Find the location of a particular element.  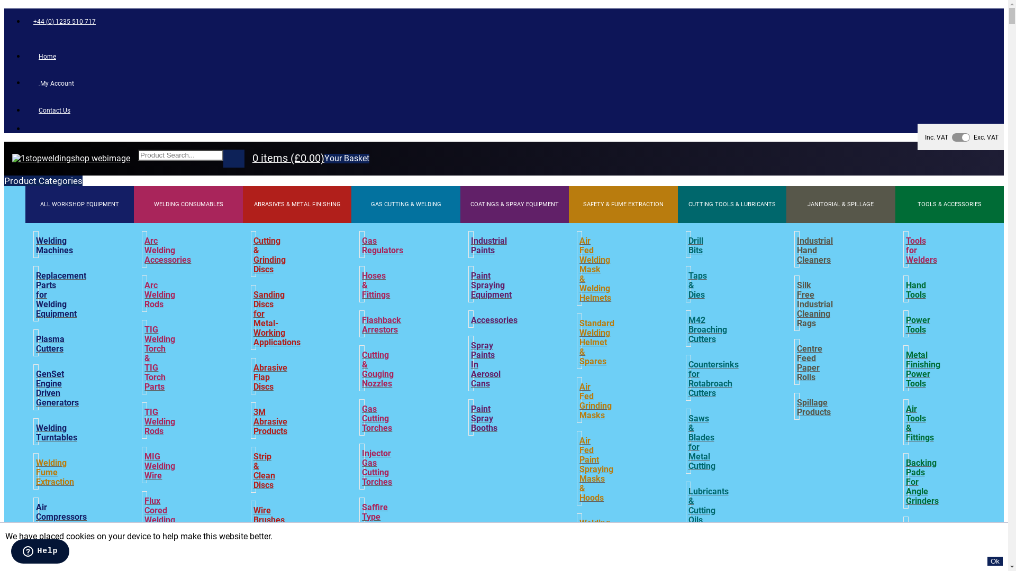

'Industrial Hand Cleaners' is located at coordinates (814, 251).